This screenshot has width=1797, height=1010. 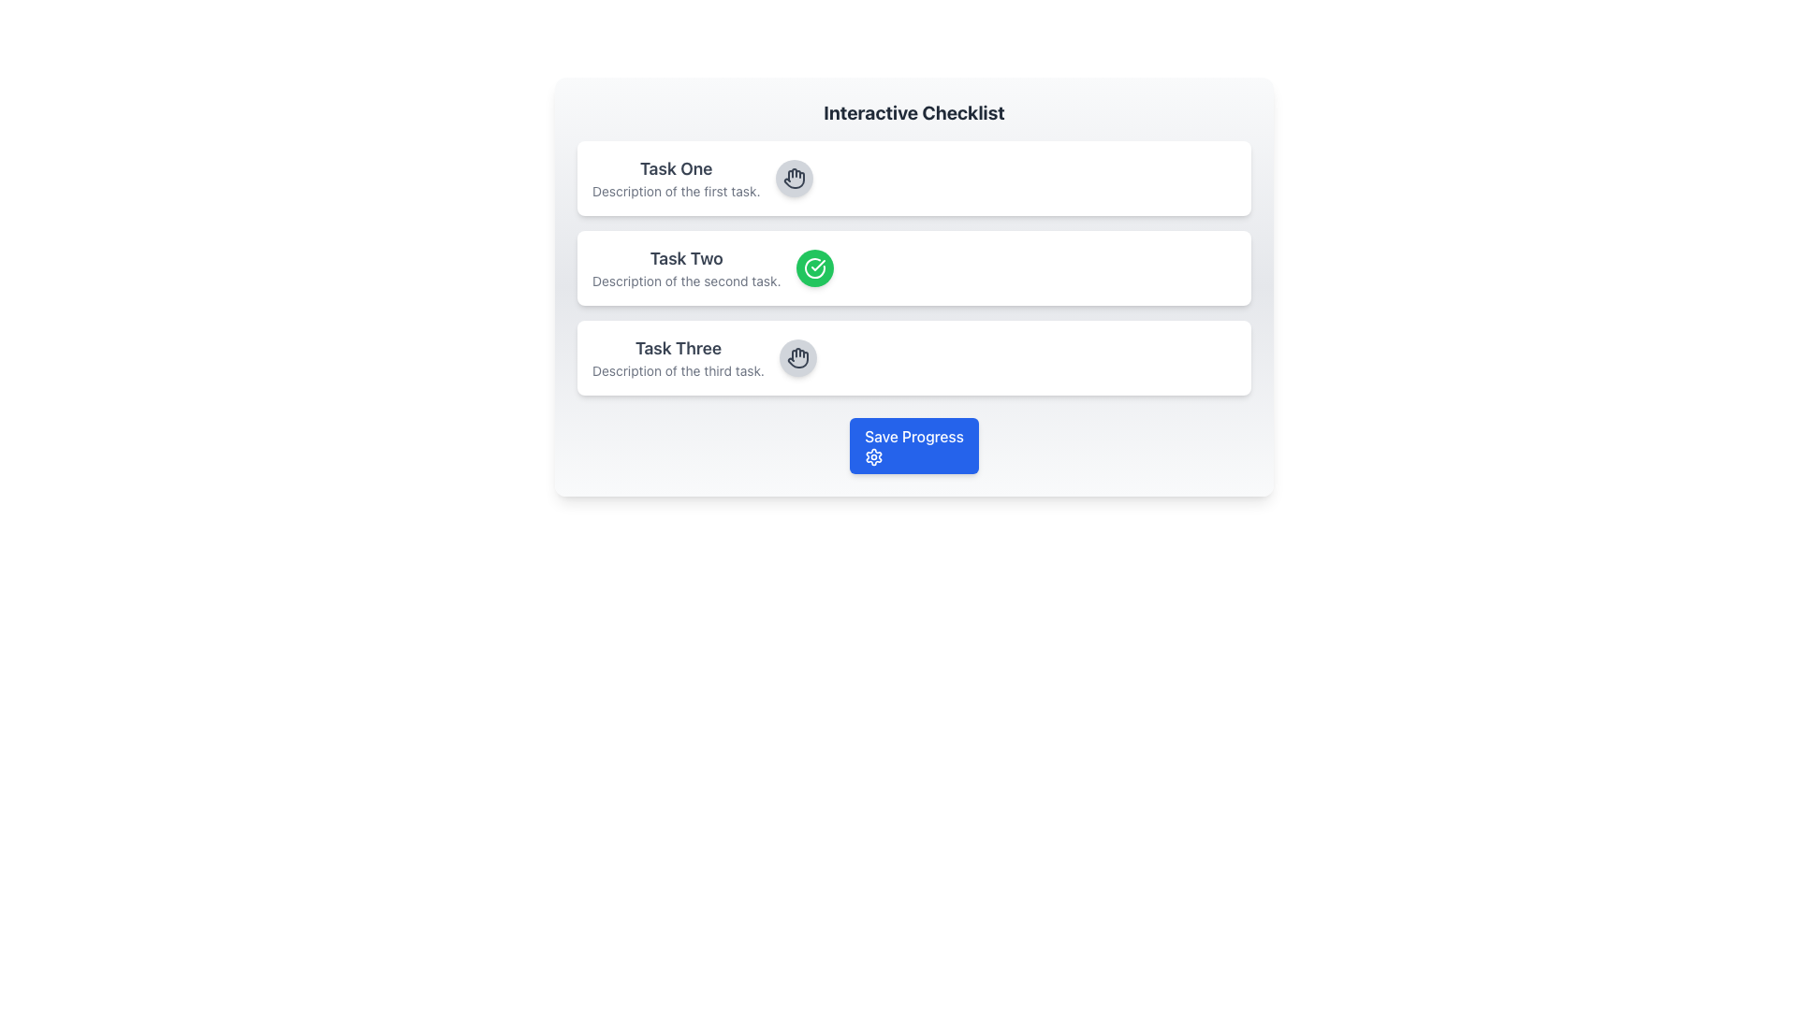 What do you see at coordinates (914, 267) in the screenshot?
I see `the 'Task Two' item in the checklist` at bounding box center [914, 267].